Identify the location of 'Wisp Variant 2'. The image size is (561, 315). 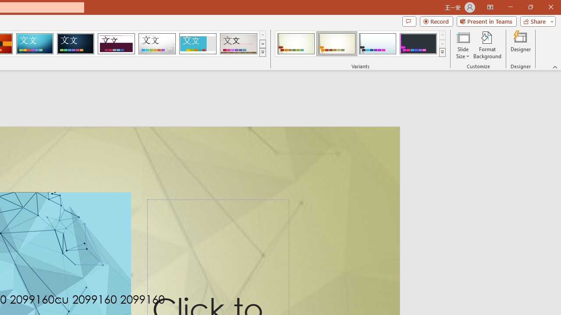
(336, 44).